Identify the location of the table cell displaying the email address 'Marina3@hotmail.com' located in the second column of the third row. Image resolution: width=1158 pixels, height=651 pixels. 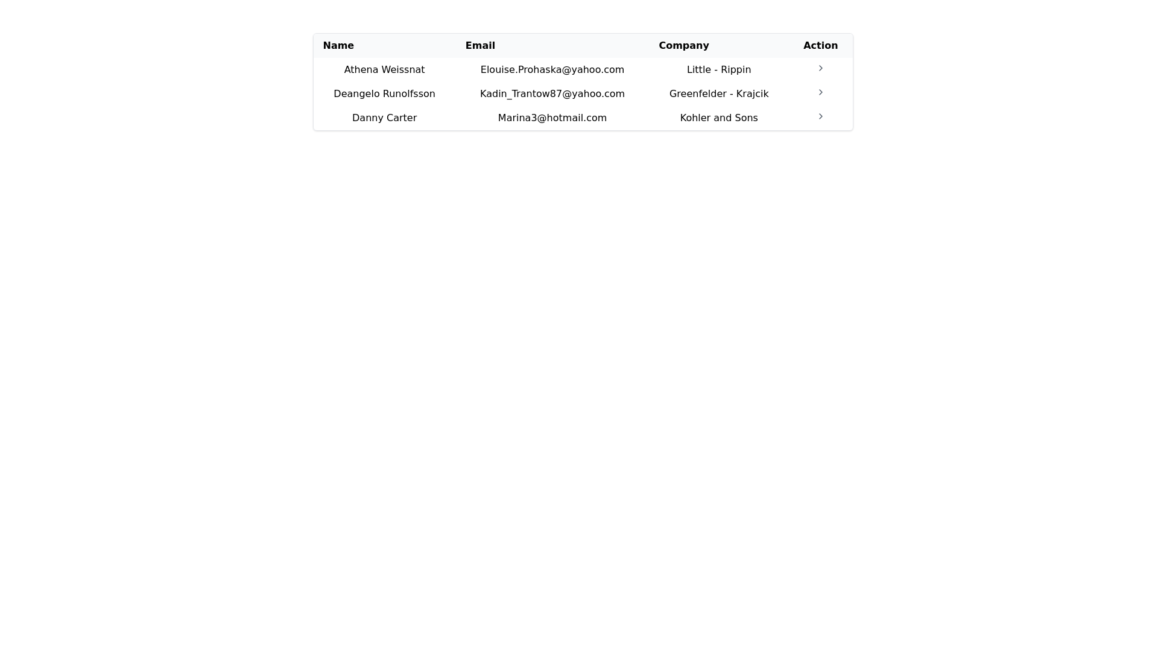
(552, 118).